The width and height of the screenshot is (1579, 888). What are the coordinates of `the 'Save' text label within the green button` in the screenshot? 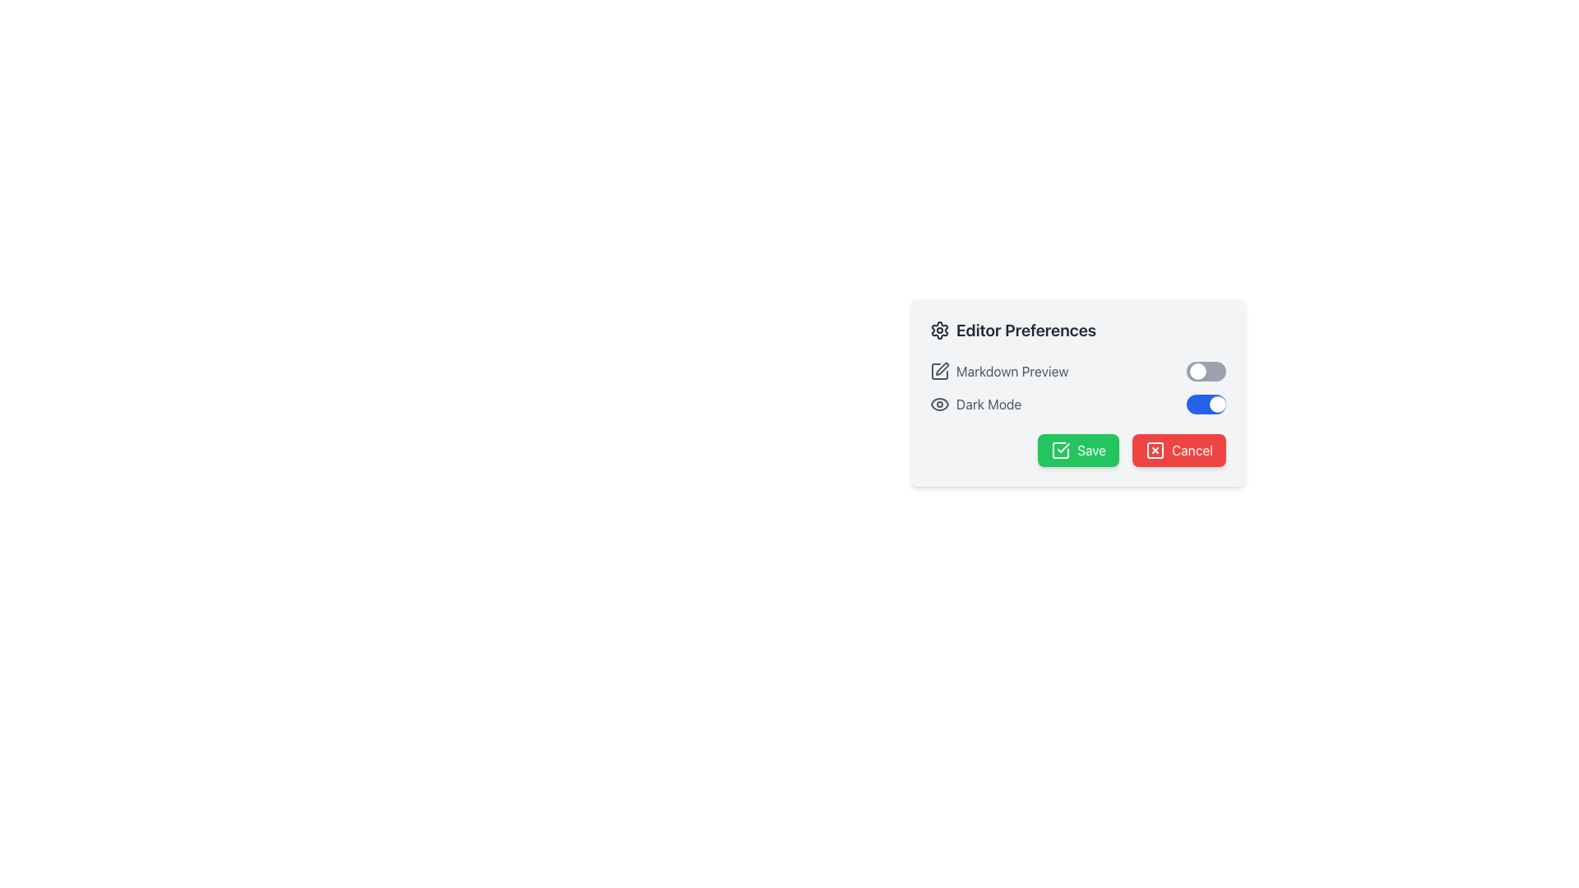 It's located at (1091, 450).